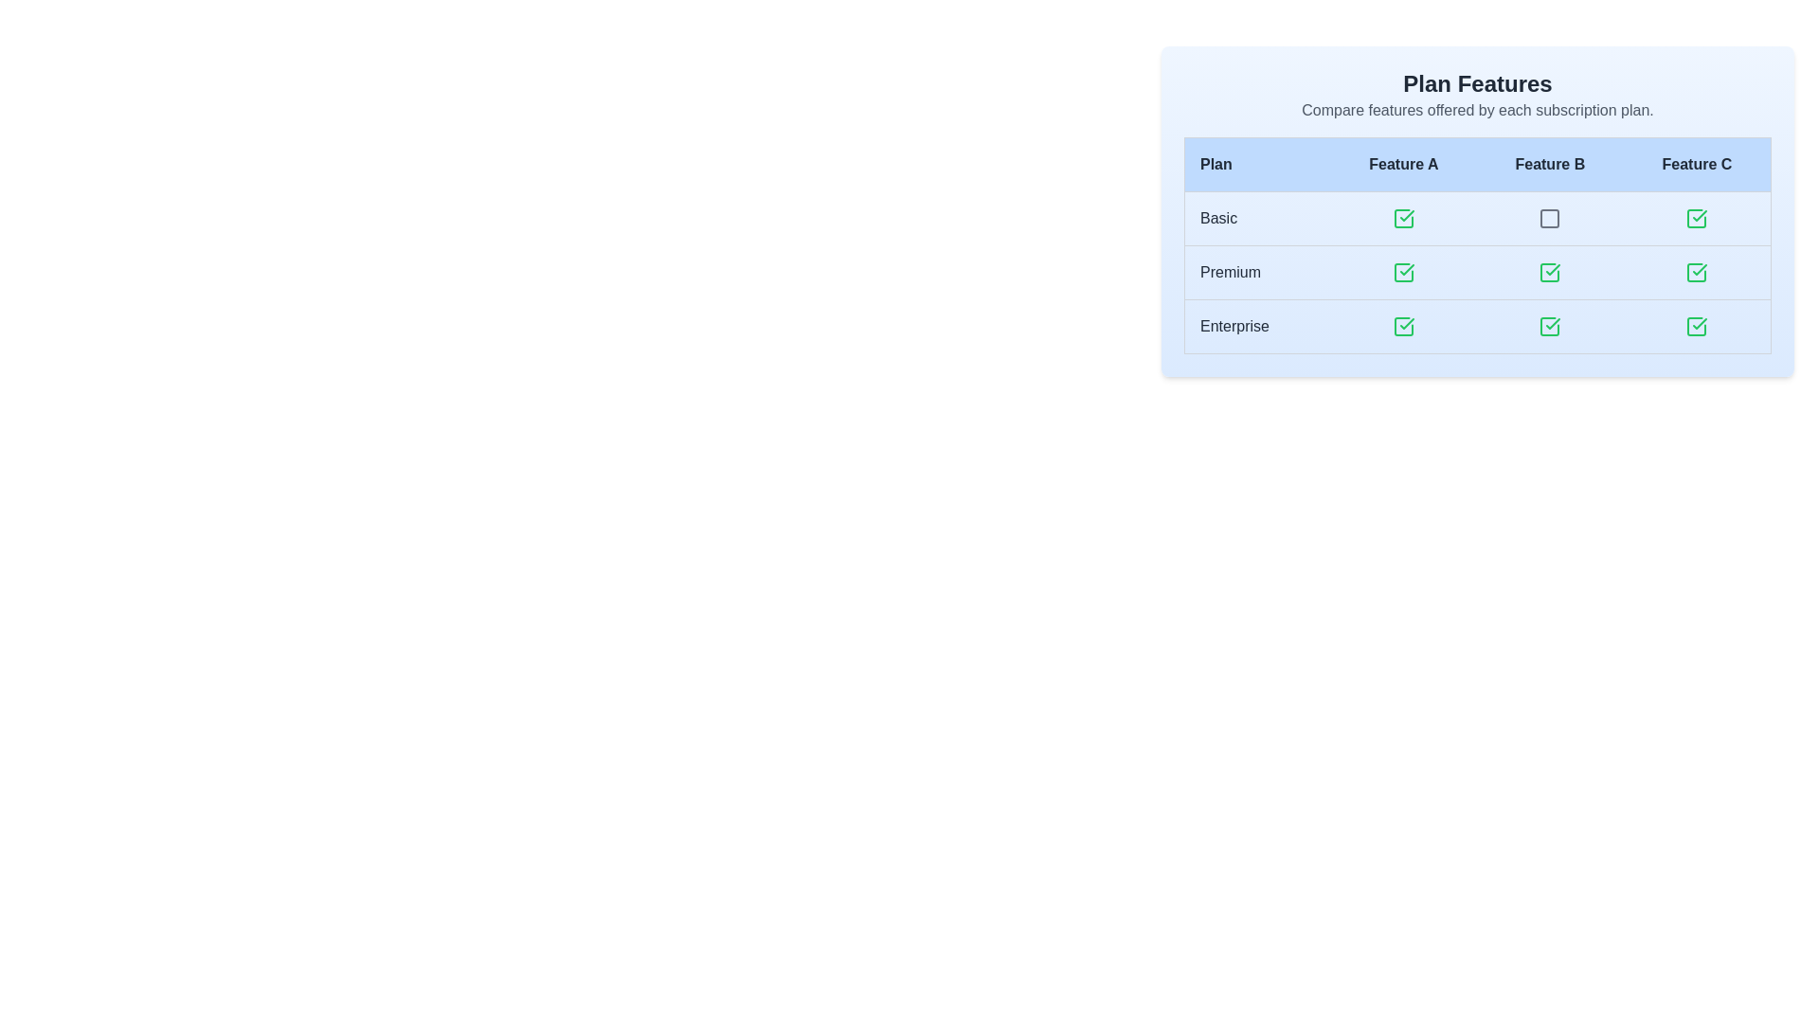  Describe the element at coordinates (1550, 218) in the screenshot. I see `the icon in the 'Feature B' column for the 'Basic' plan, which indicates the absence of a feature` at that location.